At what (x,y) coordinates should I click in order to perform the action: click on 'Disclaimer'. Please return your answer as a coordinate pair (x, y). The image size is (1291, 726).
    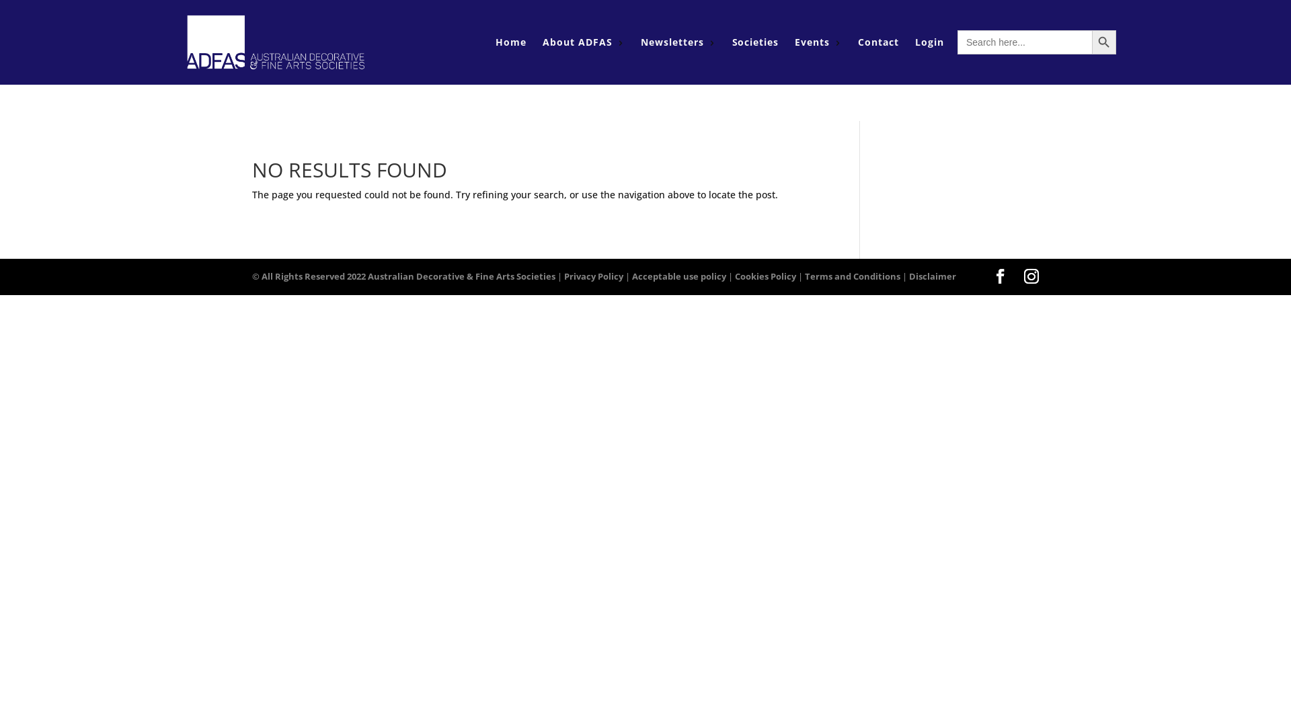
    Looking at the image, I should click on (932, 276).